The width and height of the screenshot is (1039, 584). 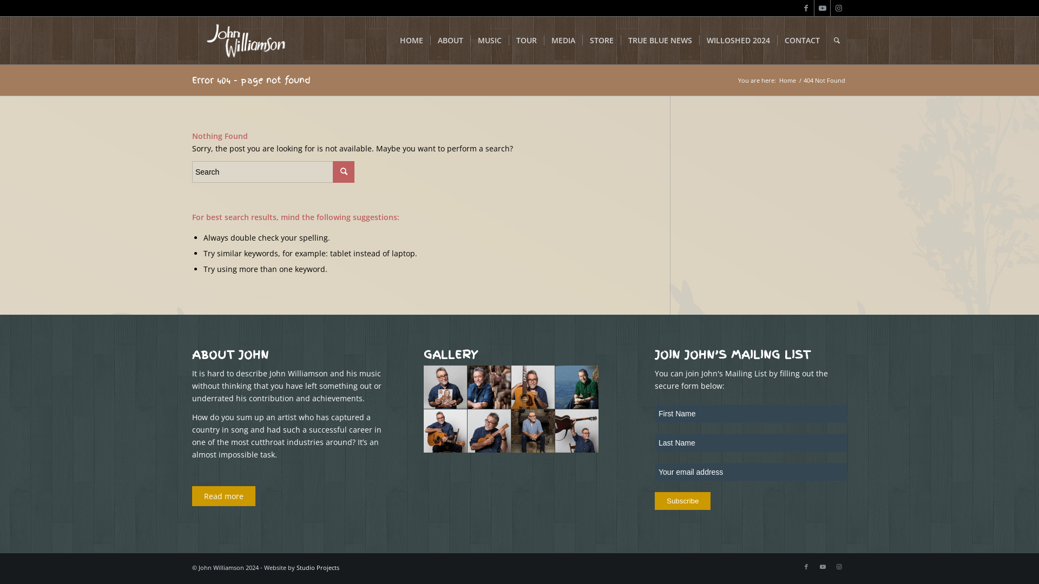 I want to click on 'Facebook', so click(x=806, y=8).